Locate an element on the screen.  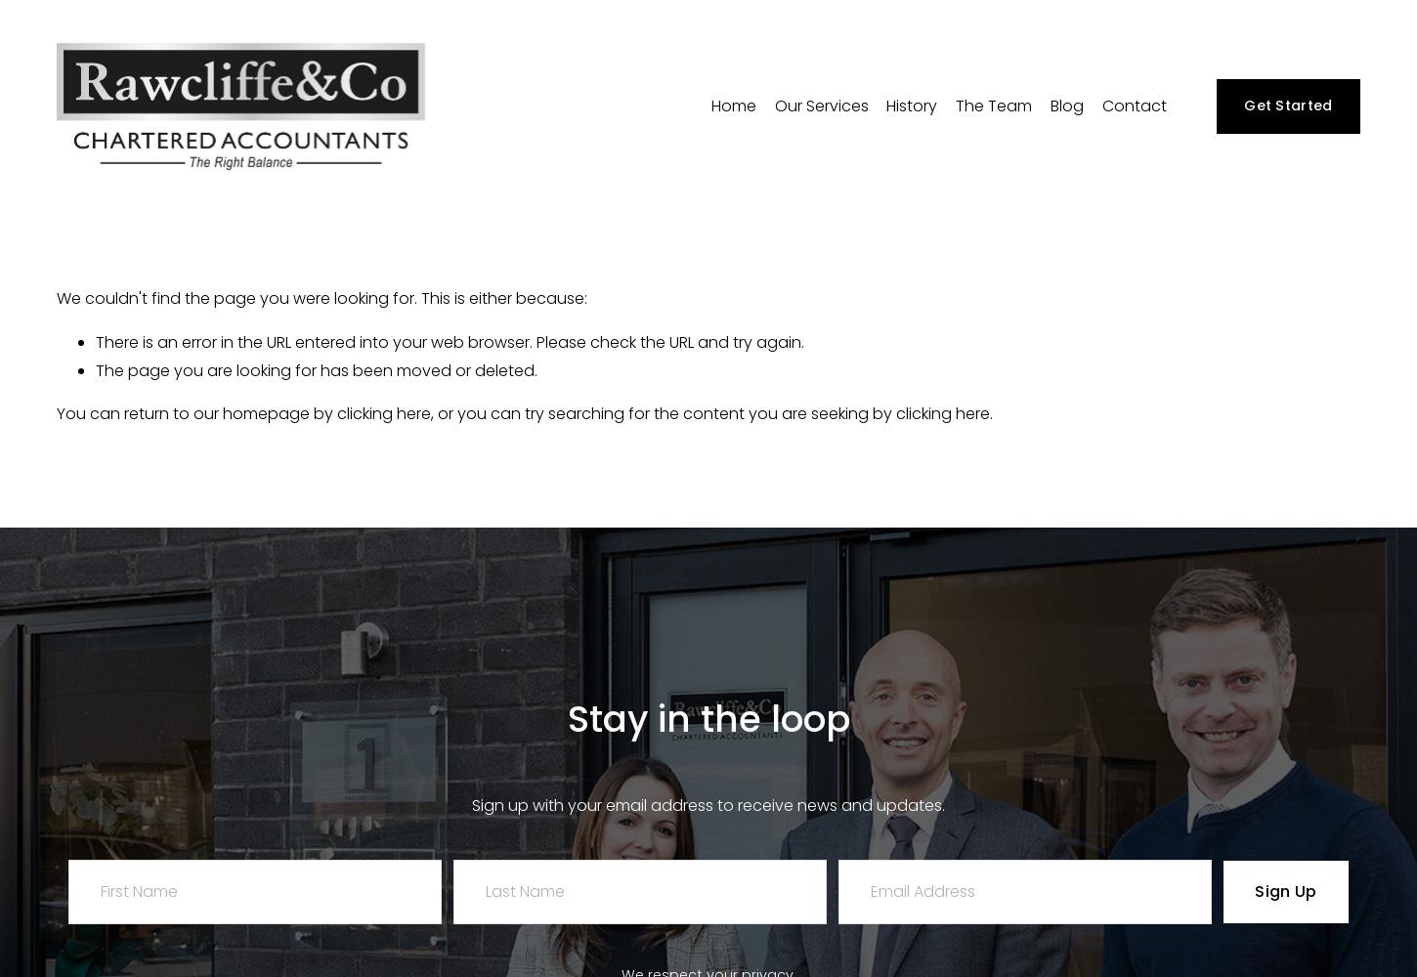
'There is an error in the URL entered into your web browser. Please check the URL and try again.' is located at coordinates (96, 340).